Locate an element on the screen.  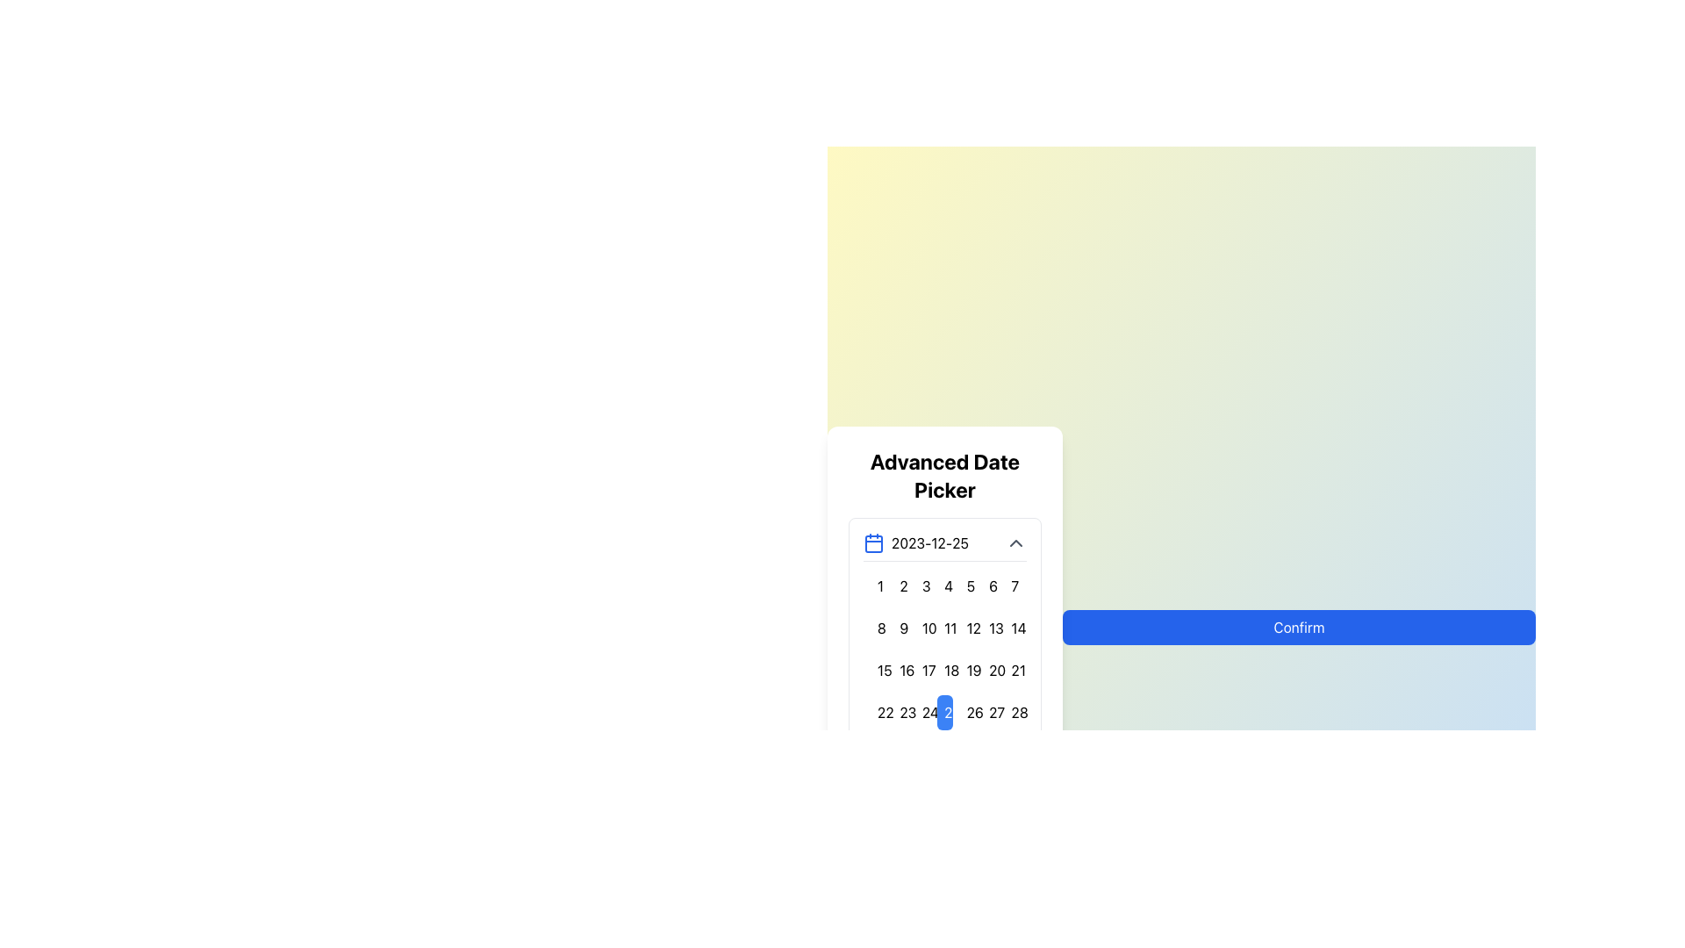
the interactive button representing the third day of the month in the calendar grid located below 'Advanced Date Picker' is located at coordinates (921, 585).